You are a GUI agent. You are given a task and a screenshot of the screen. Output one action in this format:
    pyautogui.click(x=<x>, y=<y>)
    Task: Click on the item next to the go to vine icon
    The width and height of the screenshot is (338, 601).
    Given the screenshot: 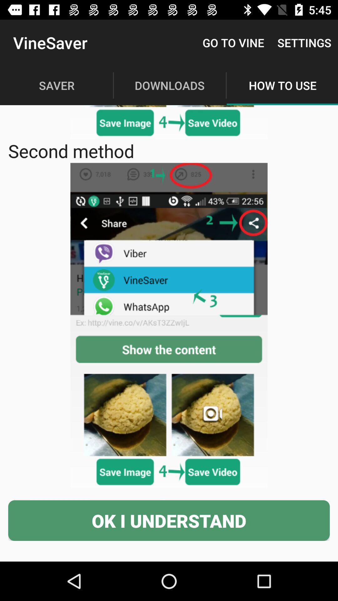 What is the action you would take?
    pyautogui.click(x=304, y=42)
    